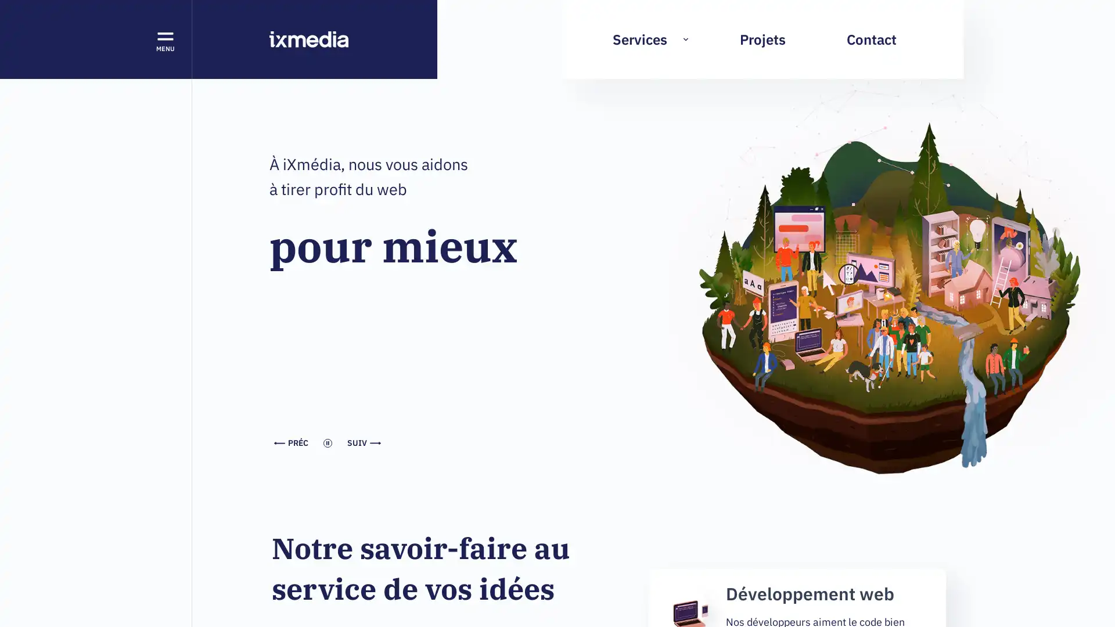  Describe the element at coordinates (269, 151) in the screenshot. I see `Mettre en pause` at that location.